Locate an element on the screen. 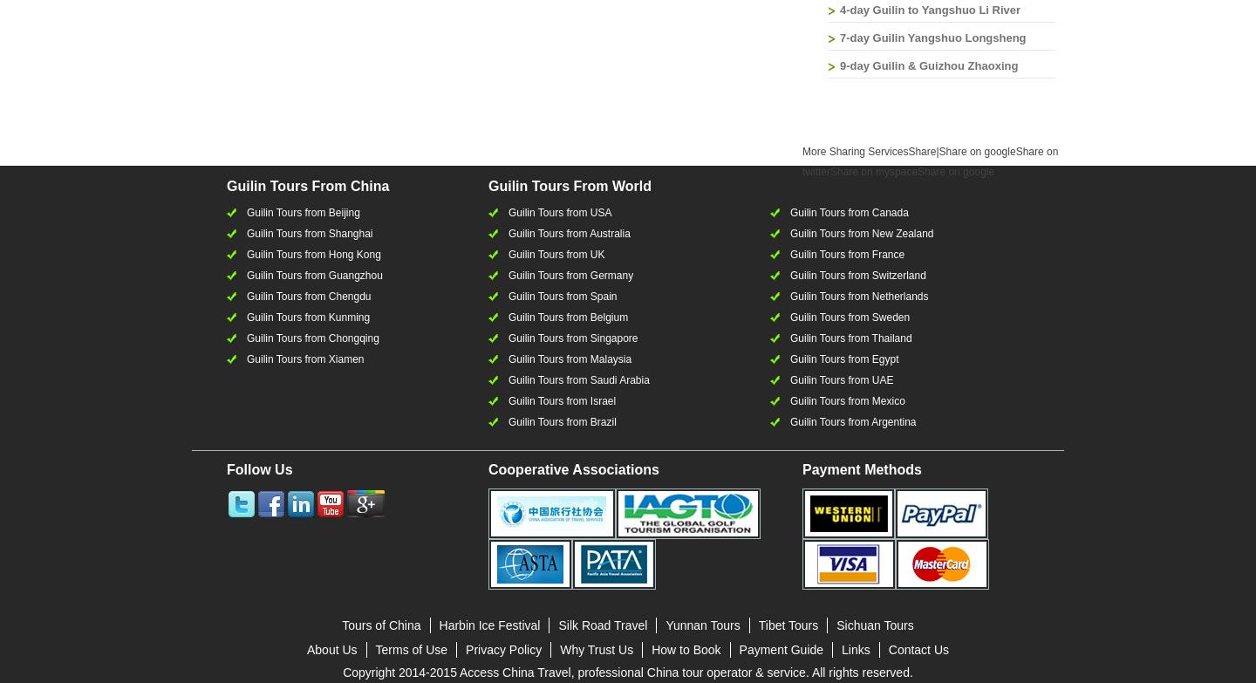  'Guilin Tours from Netherlands' is located at coordinates (857, 296).